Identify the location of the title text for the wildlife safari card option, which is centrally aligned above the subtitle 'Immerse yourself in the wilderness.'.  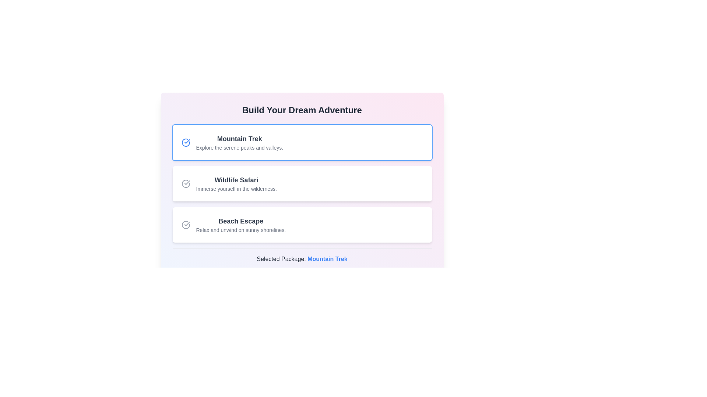
(236, 180).